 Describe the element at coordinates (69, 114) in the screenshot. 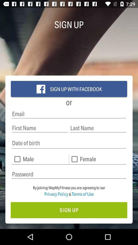

I see `email address` at that location.